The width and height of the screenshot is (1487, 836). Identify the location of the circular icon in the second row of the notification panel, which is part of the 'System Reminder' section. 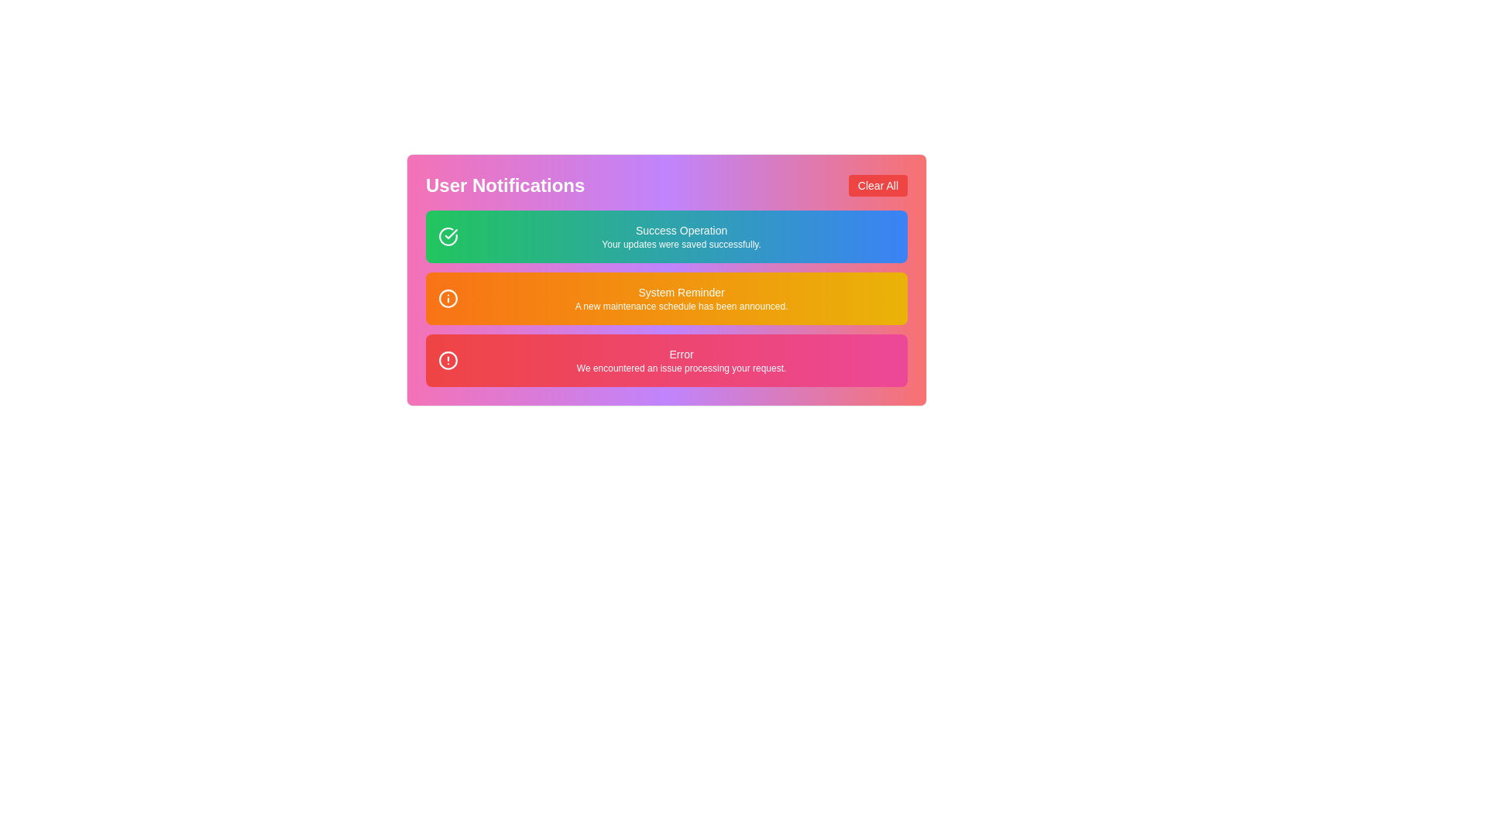
(448, 298).